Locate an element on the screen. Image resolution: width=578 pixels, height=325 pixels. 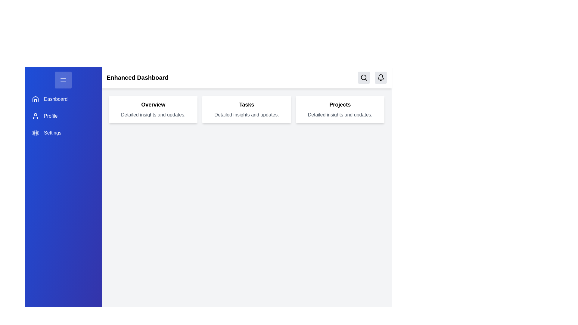
the notification button, which is a rounded rectangular button with a gray background and a notification bell icon located at the top right corner of the main interface is located at coordinates (381, 77).